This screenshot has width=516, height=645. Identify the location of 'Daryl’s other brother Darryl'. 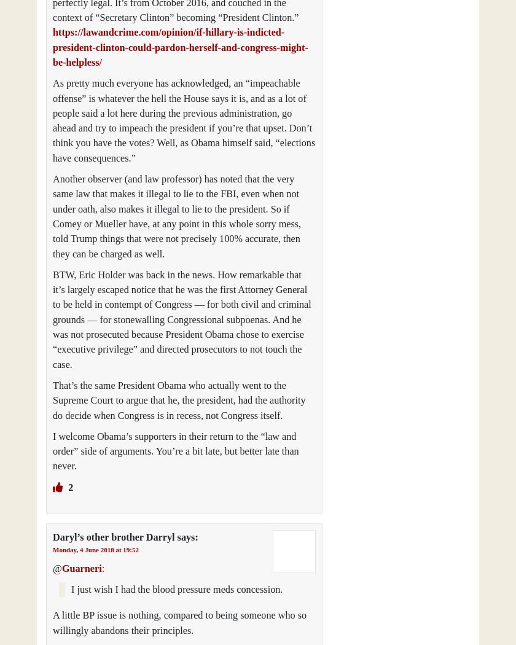
(113, 536).